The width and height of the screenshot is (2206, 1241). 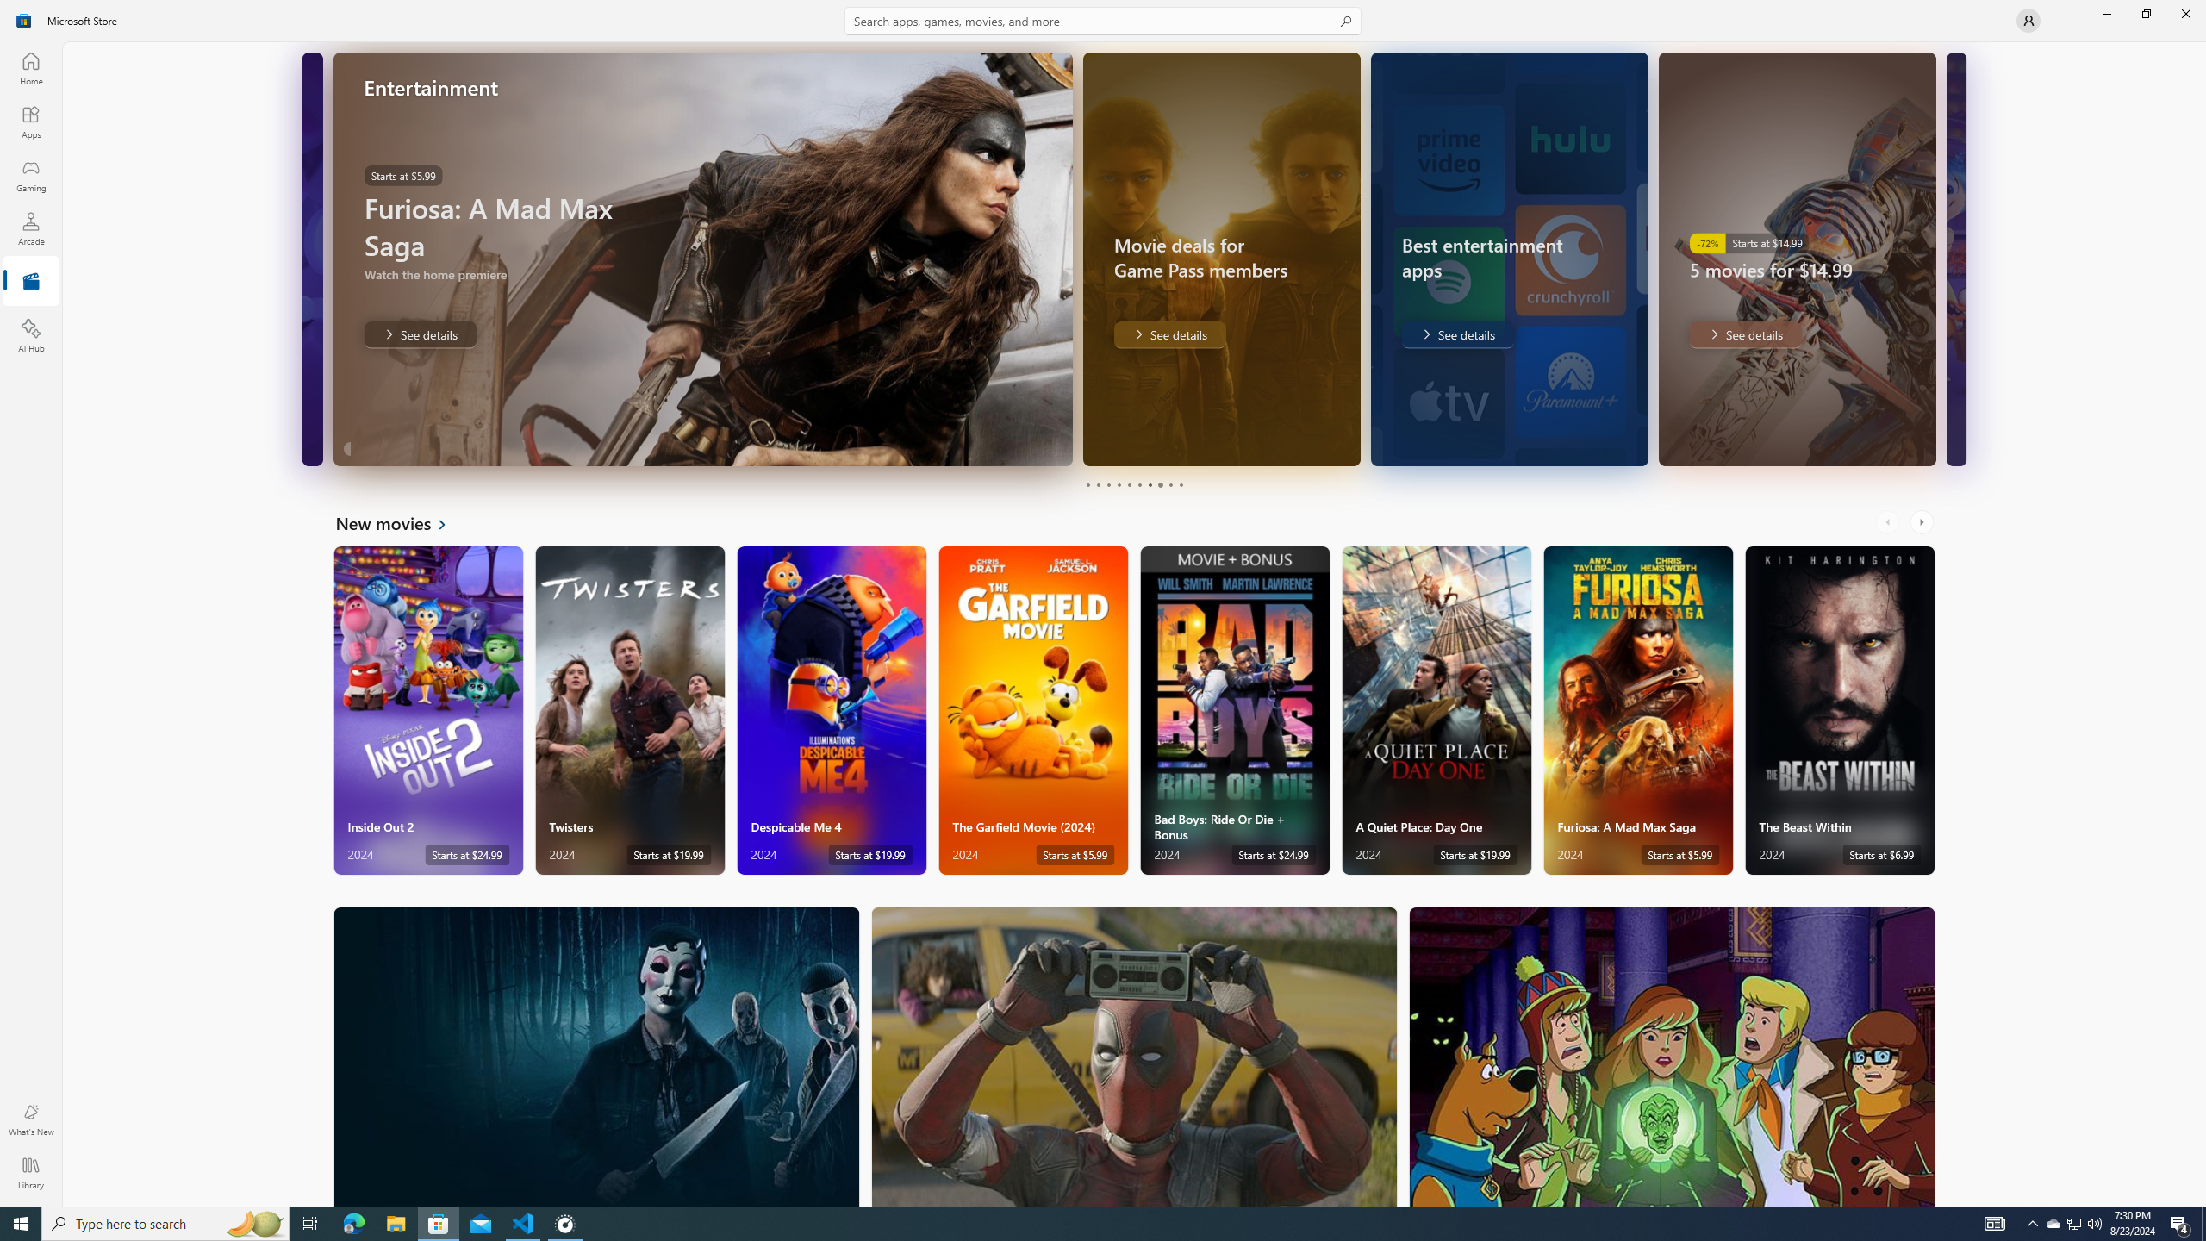 What do you see at coordinates (2146, 13) in the screenshot?
I see `'Restore Microsoft Store'` at bounding box center [2146, 13].